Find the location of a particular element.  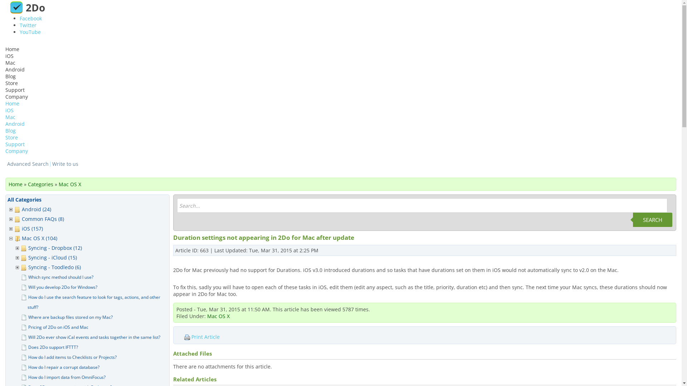

'Will you develop 2Do for Windows?' is located at coordinates (27, 287).